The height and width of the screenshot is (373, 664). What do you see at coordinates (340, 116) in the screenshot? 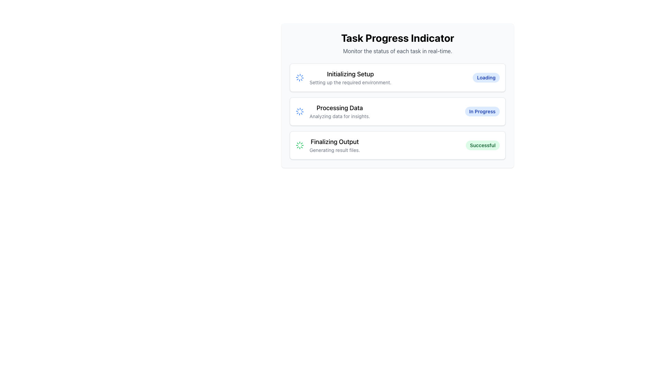
I see `the text label reading 'Analyzing data for insights.' located beneath the 'Processing Data' title in the task progress list` at bounding box center [340, 116].